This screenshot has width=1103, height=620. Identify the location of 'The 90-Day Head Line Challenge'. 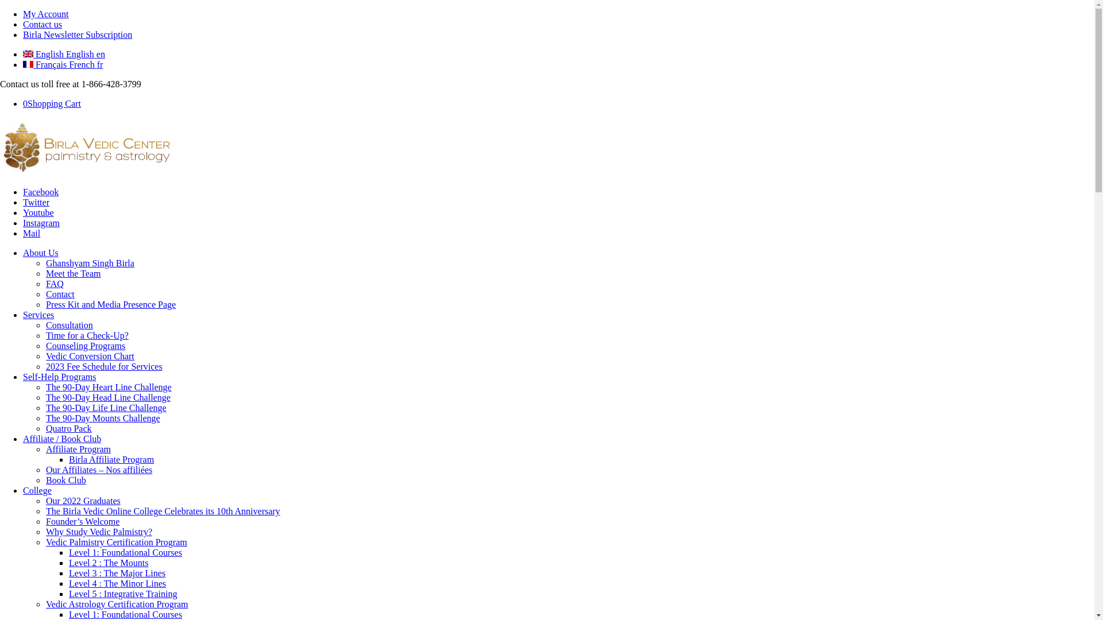
(108, 397).